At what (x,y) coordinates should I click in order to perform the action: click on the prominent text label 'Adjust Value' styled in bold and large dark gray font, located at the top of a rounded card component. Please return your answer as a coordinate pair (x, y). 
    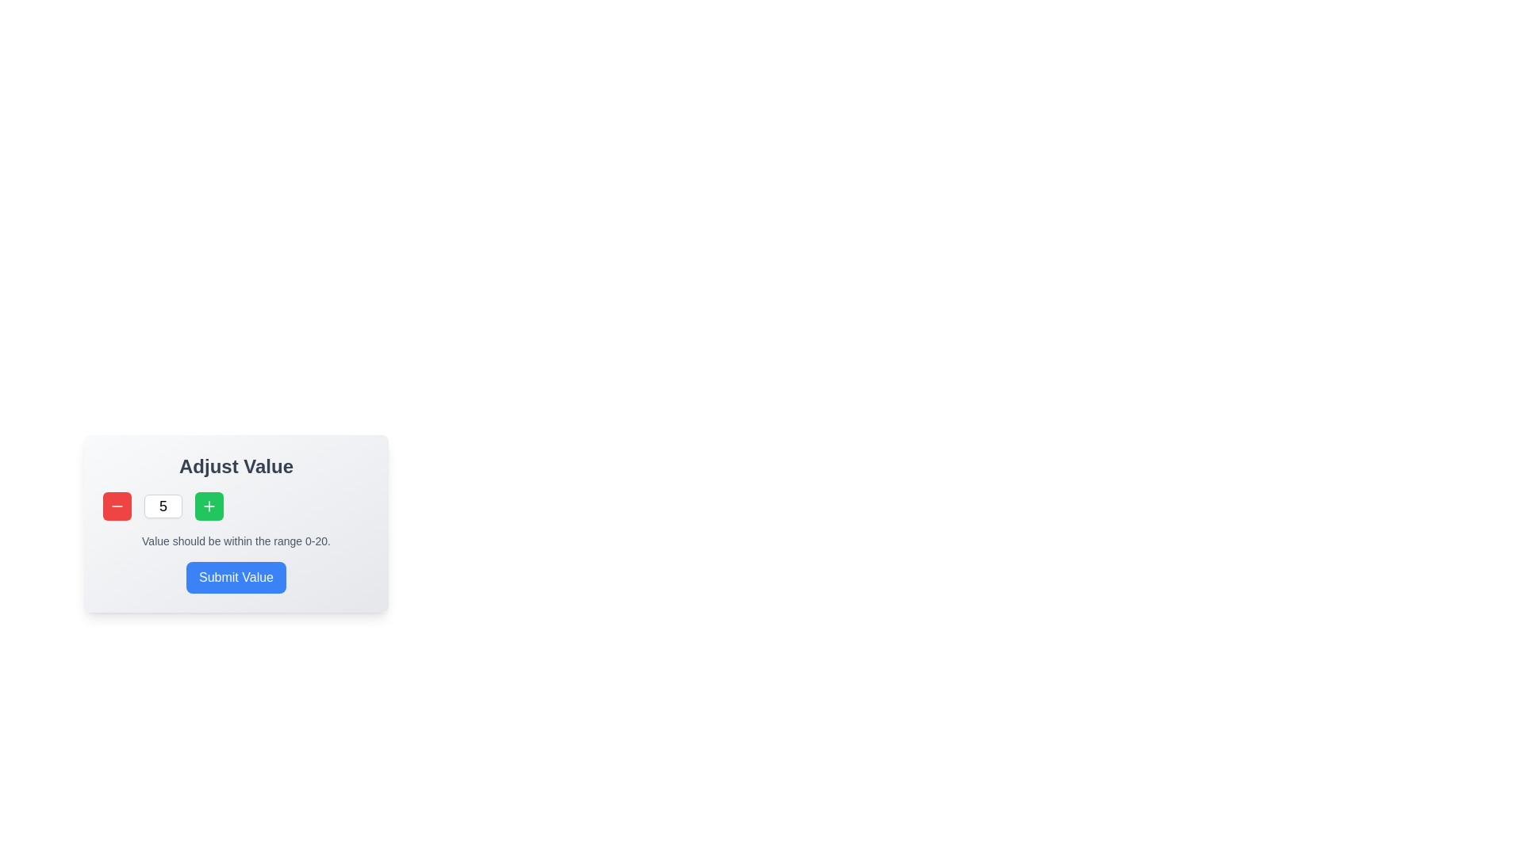
    Looking at the image, I should click on (235, 466).